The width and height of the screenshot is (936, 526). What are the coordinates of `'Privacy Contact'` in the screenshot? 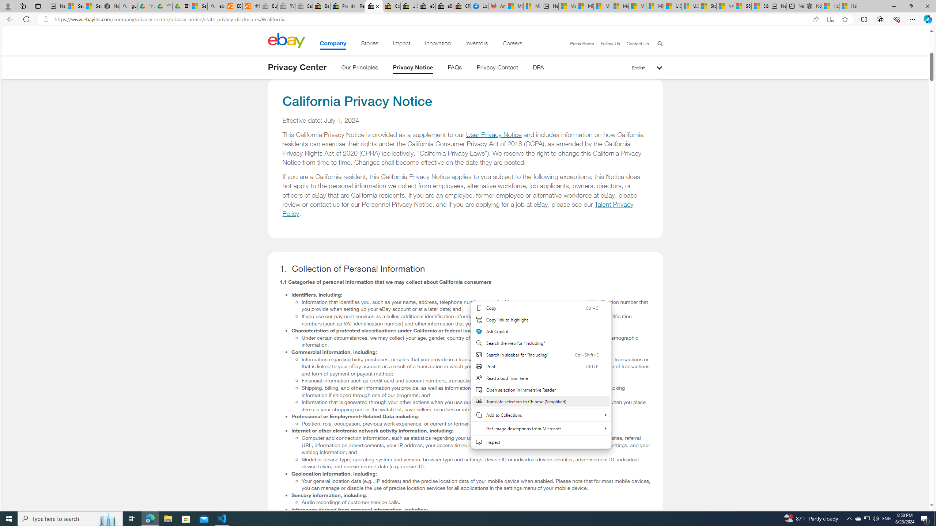 It's located at (497, 68).